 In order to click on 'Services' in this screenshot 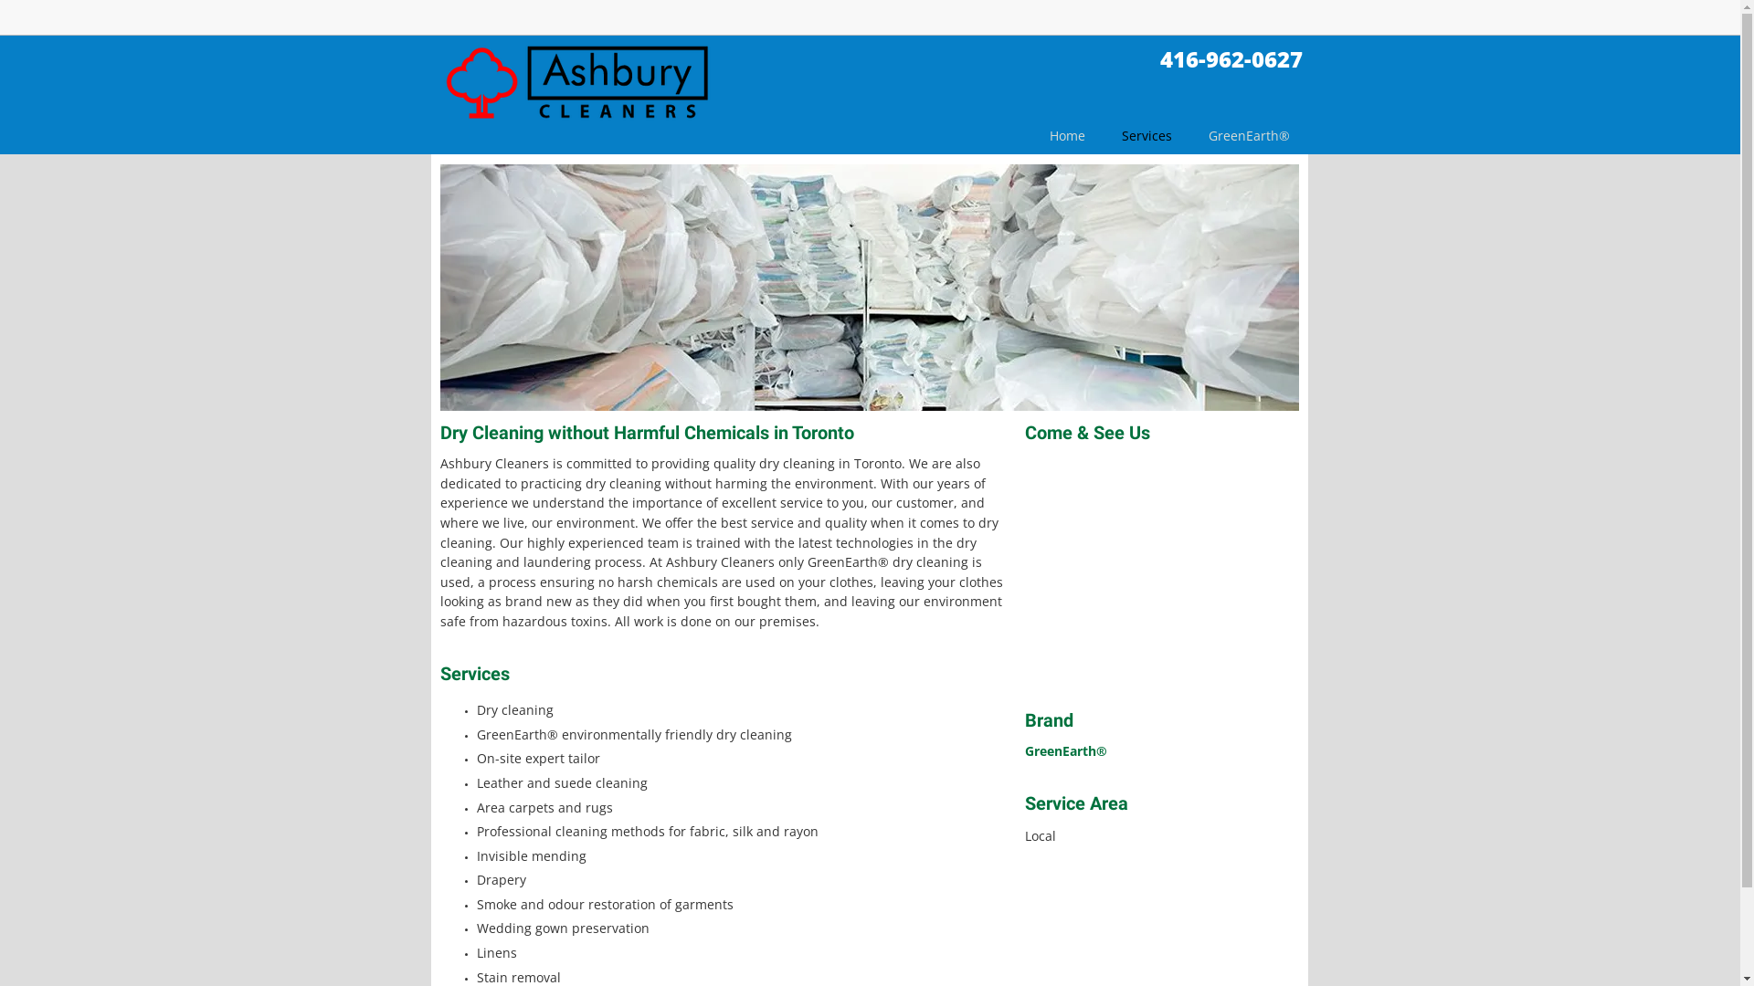, I will do `click(1146, 140)`.